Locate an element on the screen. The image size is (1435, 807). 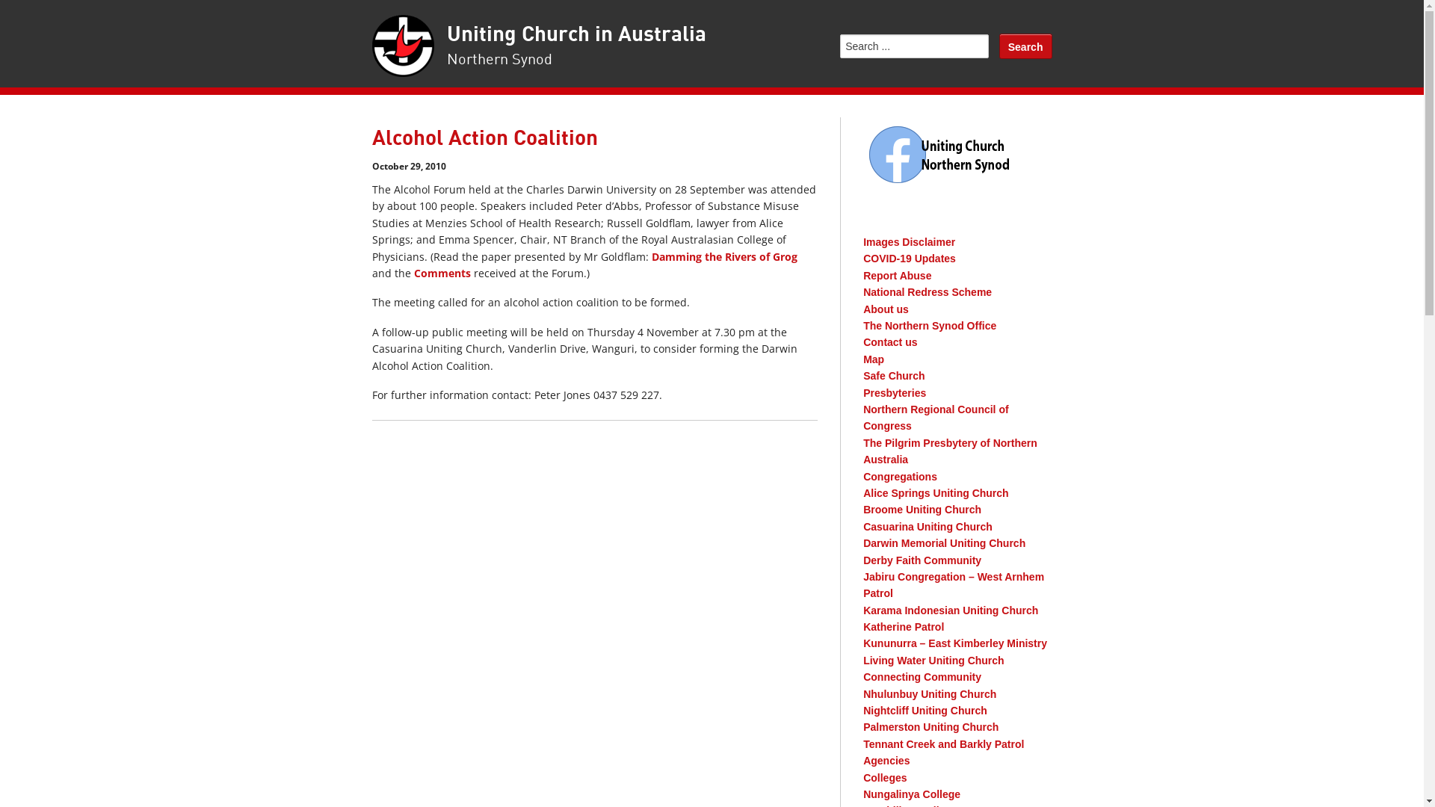
'Darwin Memorial Uniting Church' is located at coordinates (943, 542).